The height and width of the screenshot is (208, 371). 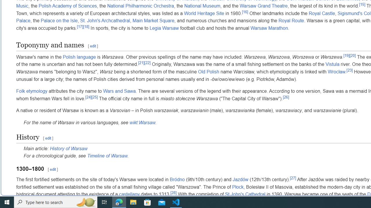 I want to click on 'wikt:Warsaw', so click(x=142, y=122).